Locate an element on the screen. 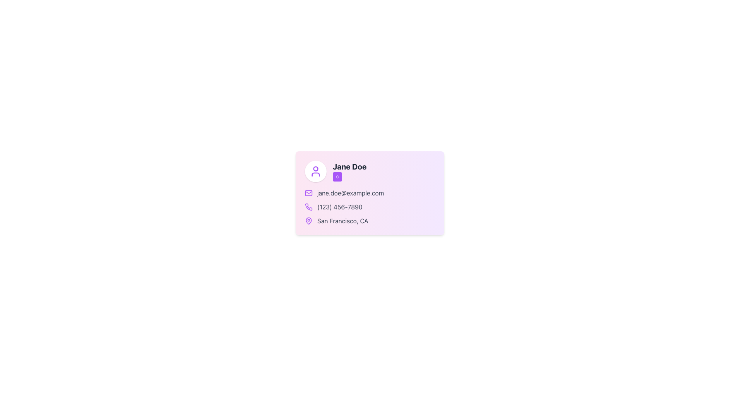 This screenshot has width=743, height=418. the purple phone icon located next to the phone number '(123) 456-7890' within the user contact card is located at coordinates (308, 206).